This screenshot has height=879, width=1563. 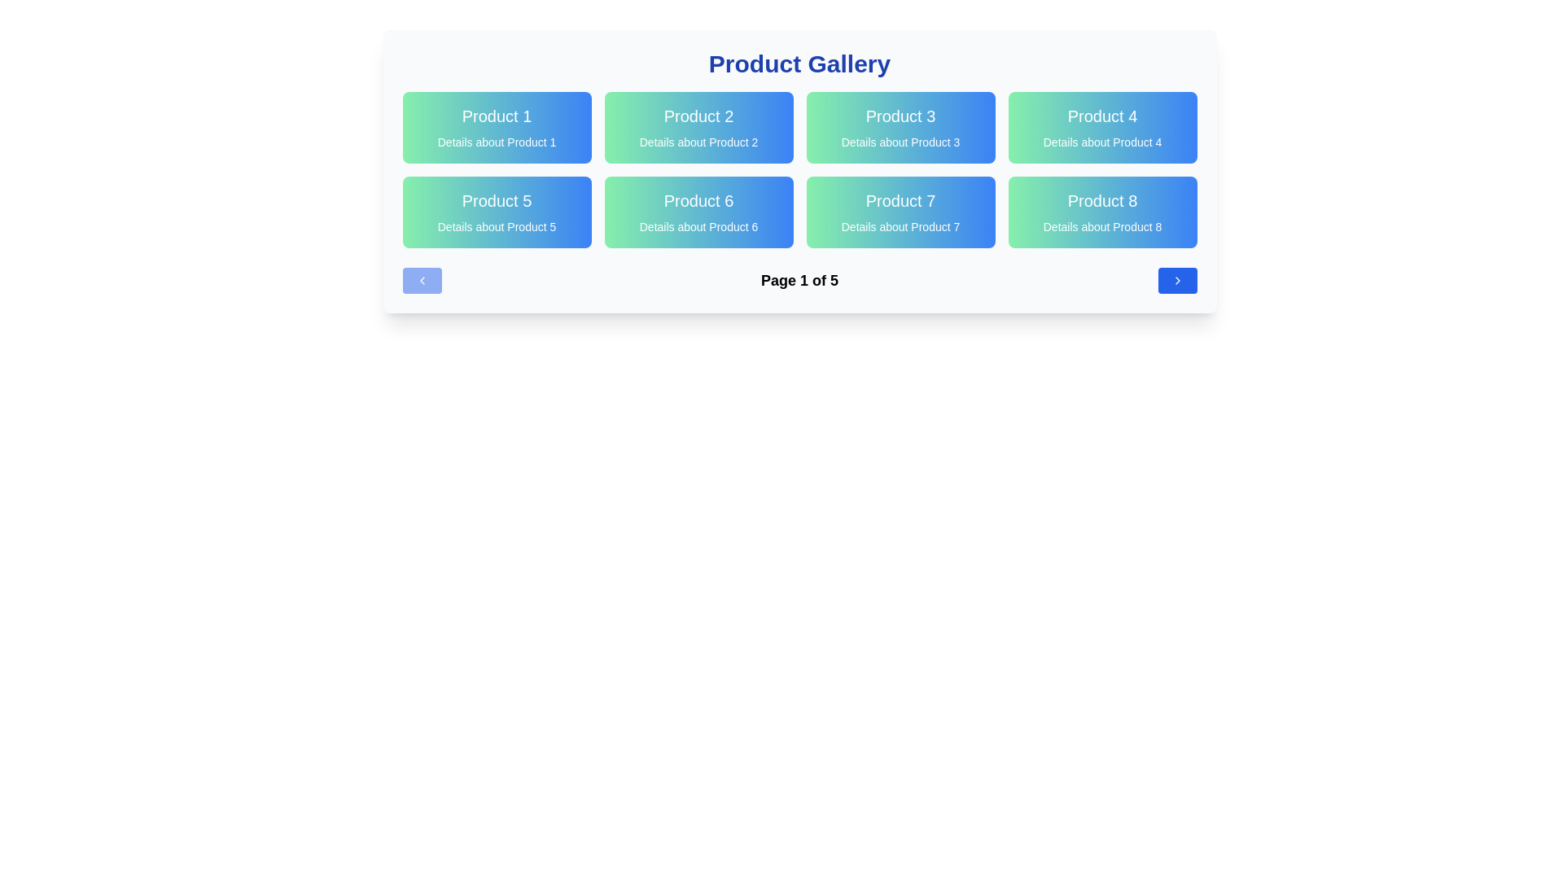 What do you see at coordinates (496, 212) in the screenshot?
I see `the 'Product 5' card in the second row, first column of the product gallery` at bounding box center [496, 212].